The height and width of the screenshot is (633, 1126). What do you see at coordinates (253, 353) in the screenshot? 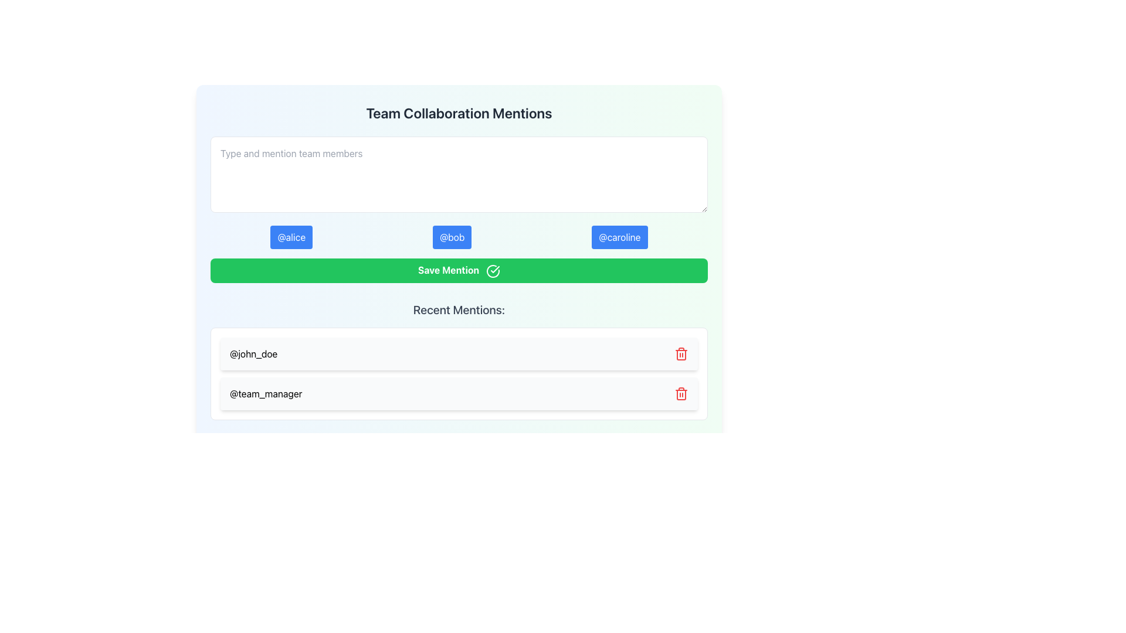
I see `the Text Label displaying the username '@john_doe' located in the 'Recent Mentions' section, positioned to the left of an interactive red icon` at bounding box center [253, 353].